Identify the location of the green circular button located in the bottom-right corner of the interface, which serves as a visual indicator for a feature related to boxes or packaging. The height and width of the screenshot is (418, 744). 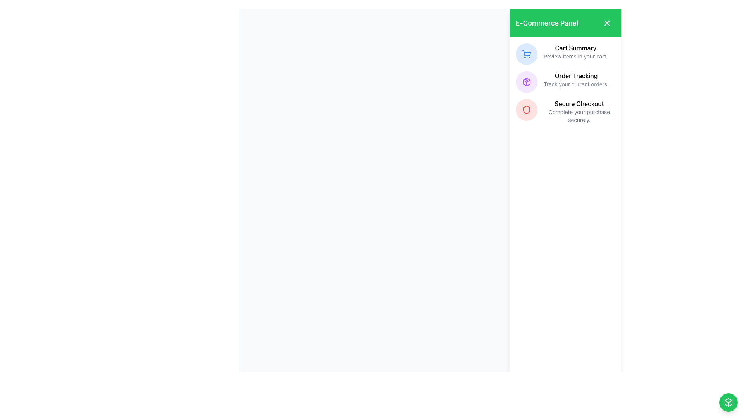
(728, 402).